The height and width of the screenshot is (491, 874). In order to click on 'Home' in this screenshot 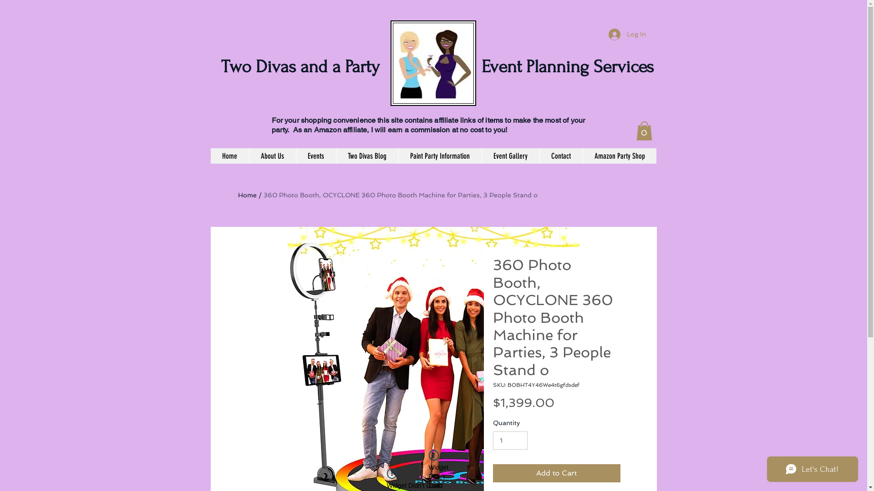, I will do `click(209, 155)`.